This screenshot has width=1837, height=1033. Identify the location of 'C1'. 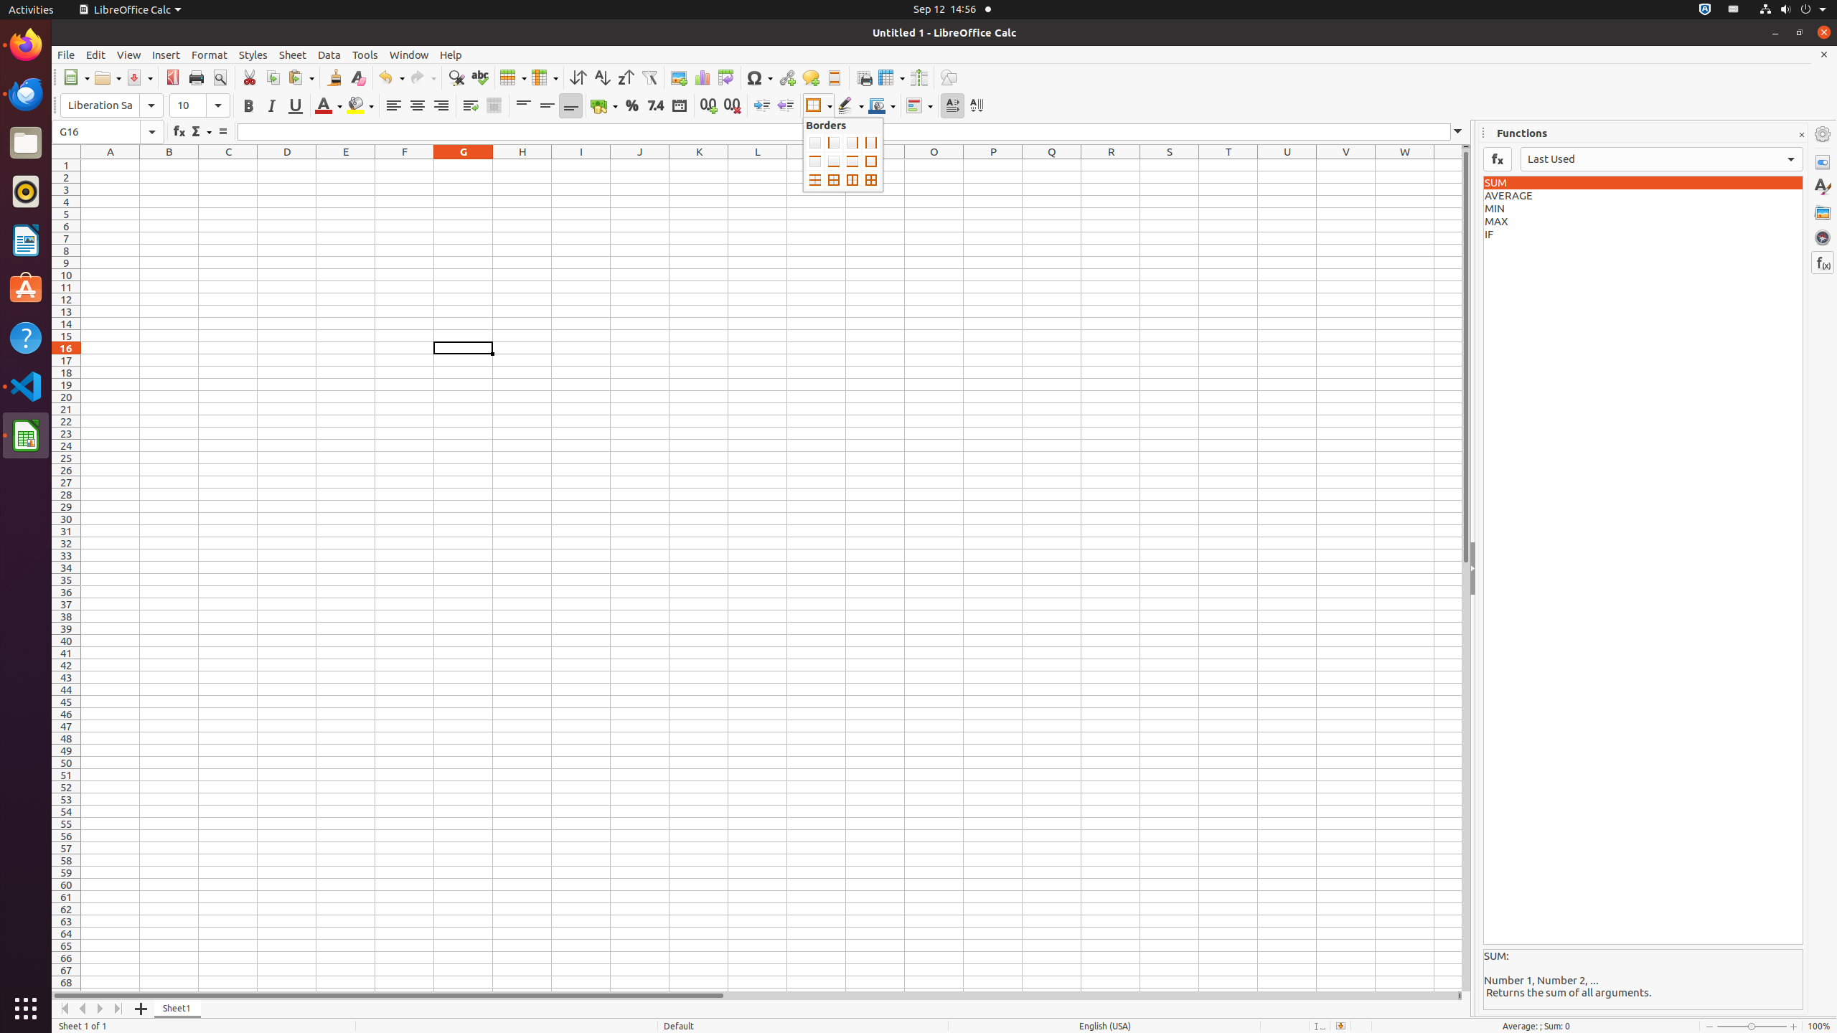
(227, 164).